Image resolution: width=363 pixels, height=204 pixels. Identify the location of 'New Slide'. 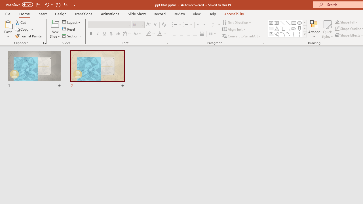
(55, 29).